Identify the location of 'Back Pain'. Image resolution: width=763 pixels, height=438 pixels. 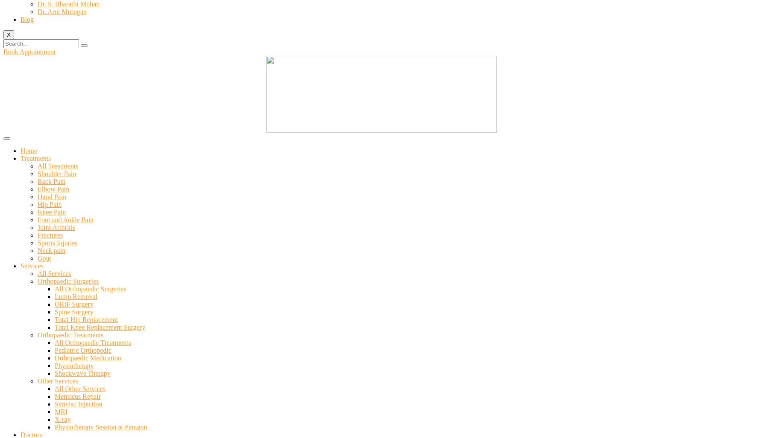
(38, 181).